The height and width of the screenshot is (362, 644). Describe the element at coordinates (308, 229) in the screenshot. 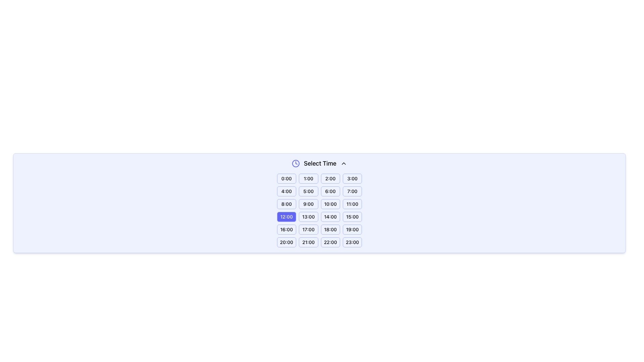

I see `the button that represents the time '17:00' located under the 'Select Time' heading, specifically the fifth button in the fifth row of the grid` at that location.